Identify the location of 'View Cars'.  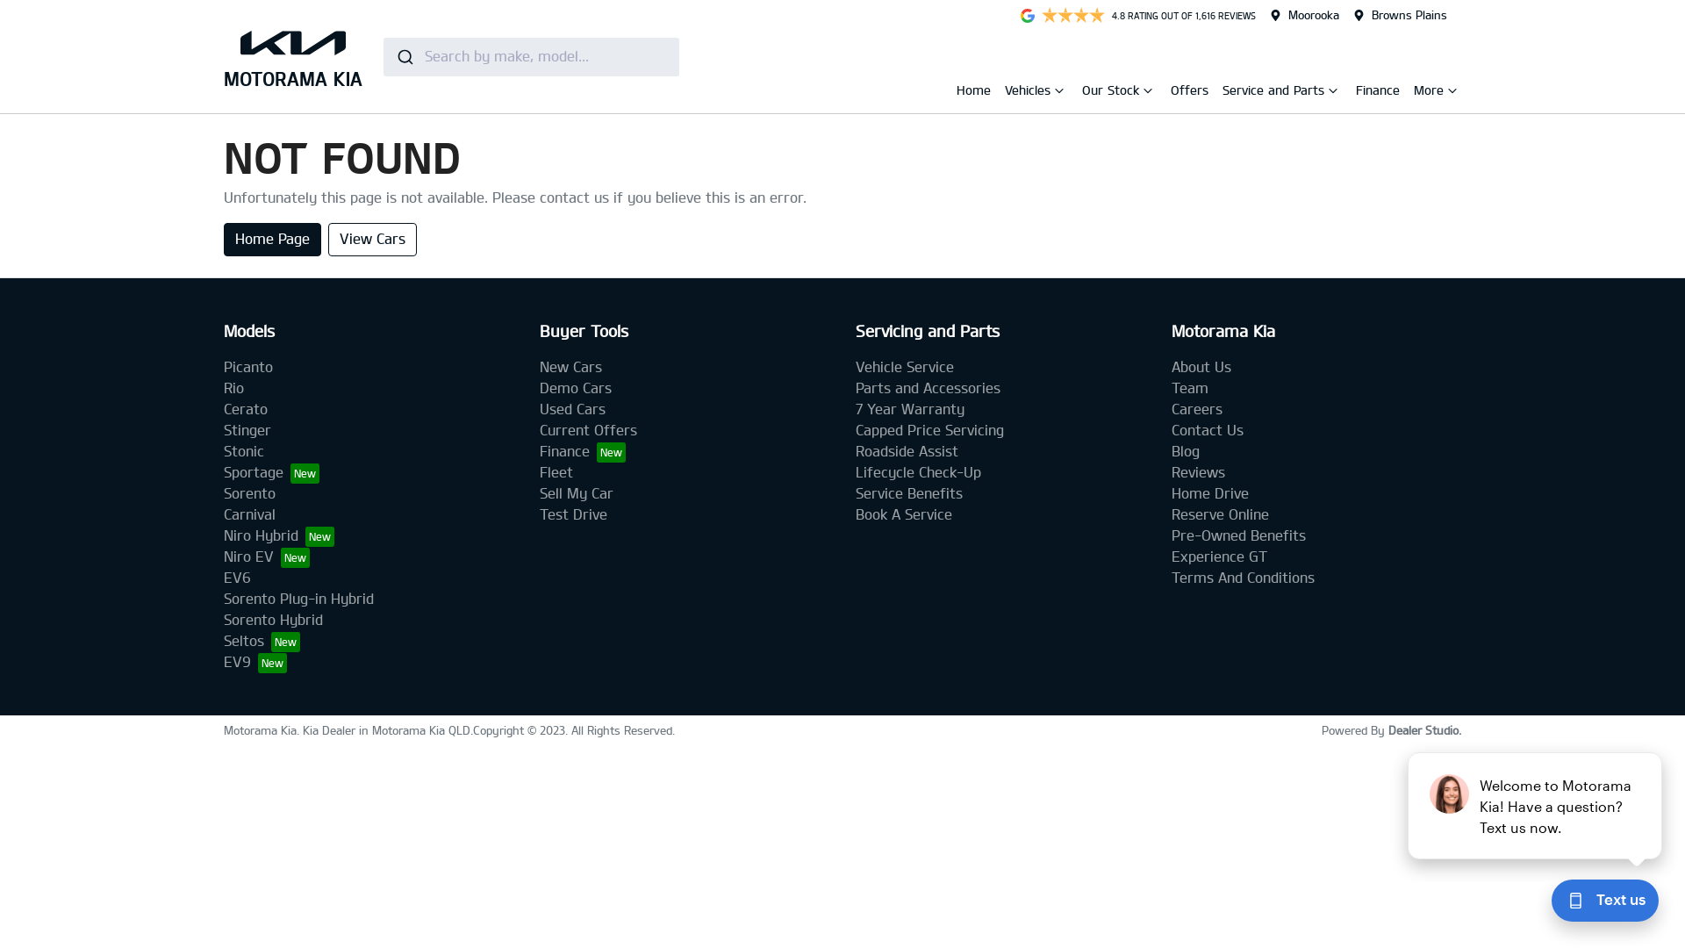
(371, 240).